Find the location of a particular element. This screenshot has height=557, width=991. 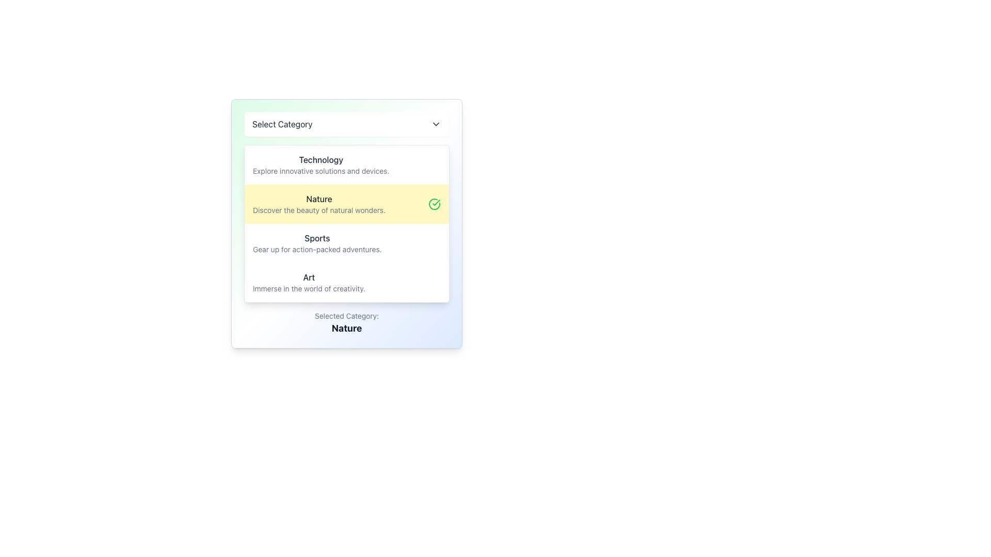

the second selectable item in the dropdown menu is located at coordinates (347, 204).